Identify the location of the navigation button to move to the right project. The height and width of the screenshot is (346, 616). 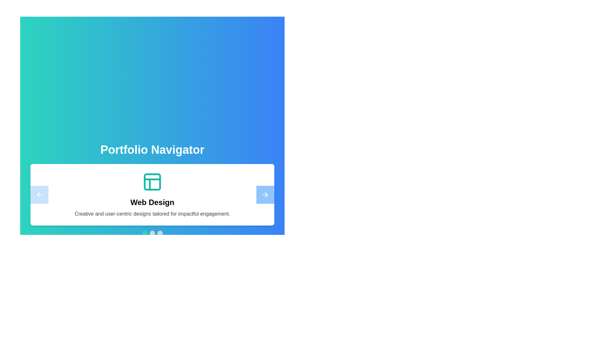
(265, 194).